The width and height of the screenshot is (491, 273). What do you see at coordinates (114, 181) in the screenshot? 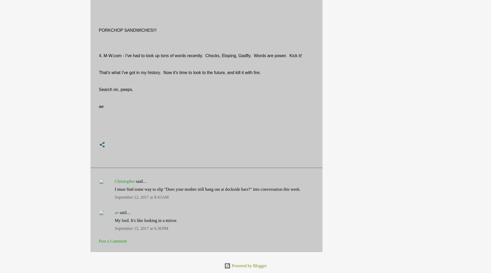
I see `'Christopher'` at bounding box center [114, 181].